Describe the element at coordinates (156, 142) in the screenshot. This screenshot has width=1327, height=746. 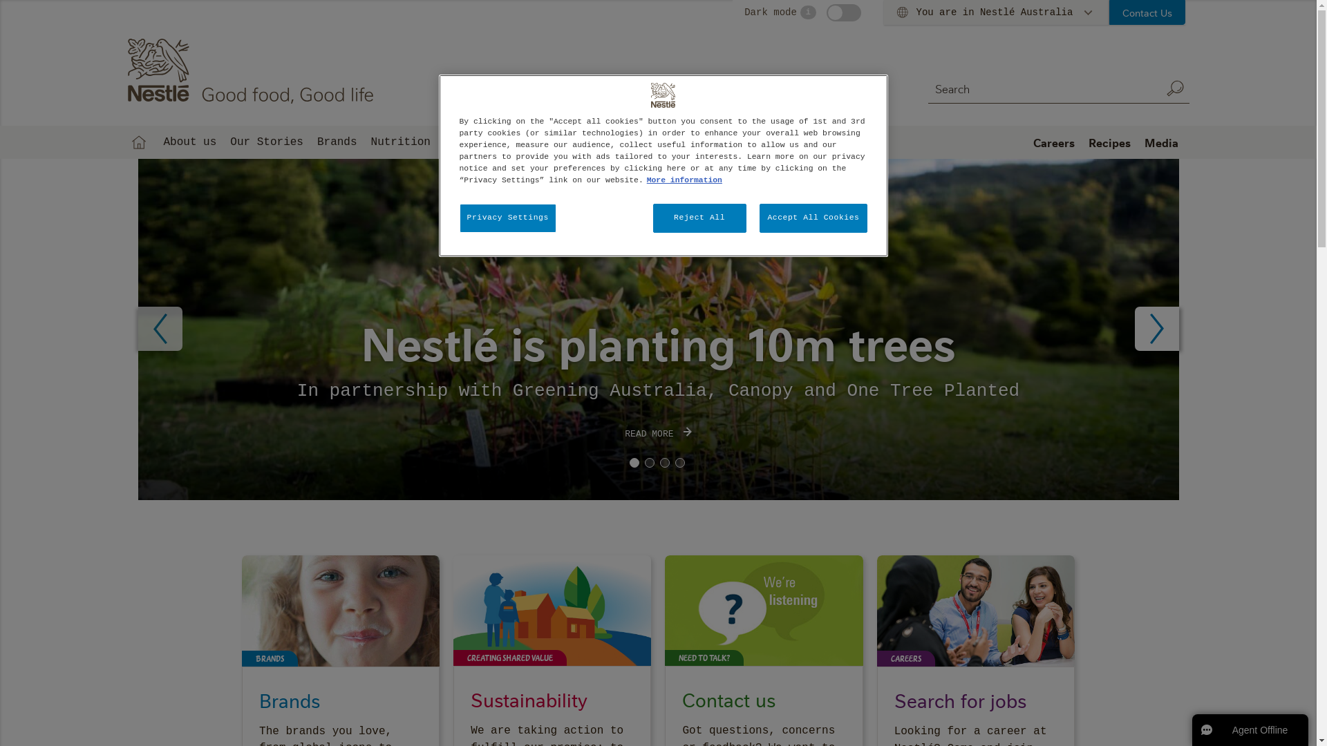
I see `'About us'` at that location.